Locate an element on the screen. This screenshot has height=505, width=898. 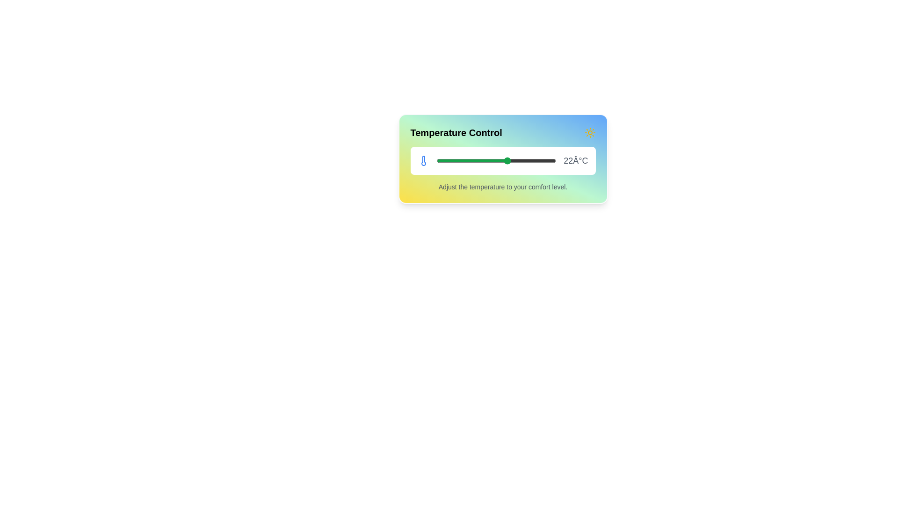
temperature is located at coordinates (502, 160).